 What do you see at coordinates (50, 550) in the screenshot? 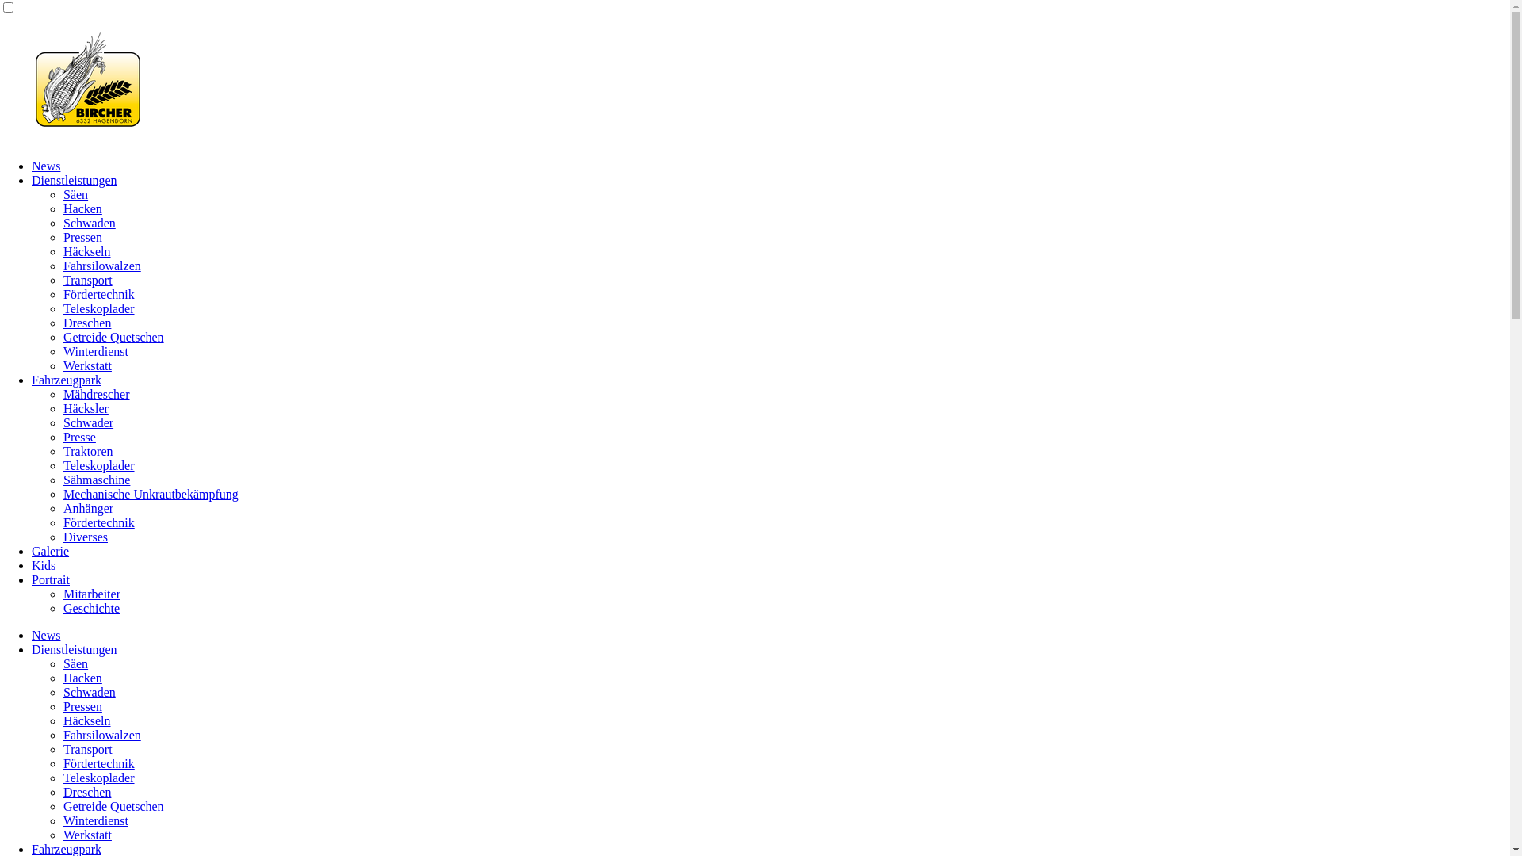
I see `'Galerie'` at bounding box center [50, 550].